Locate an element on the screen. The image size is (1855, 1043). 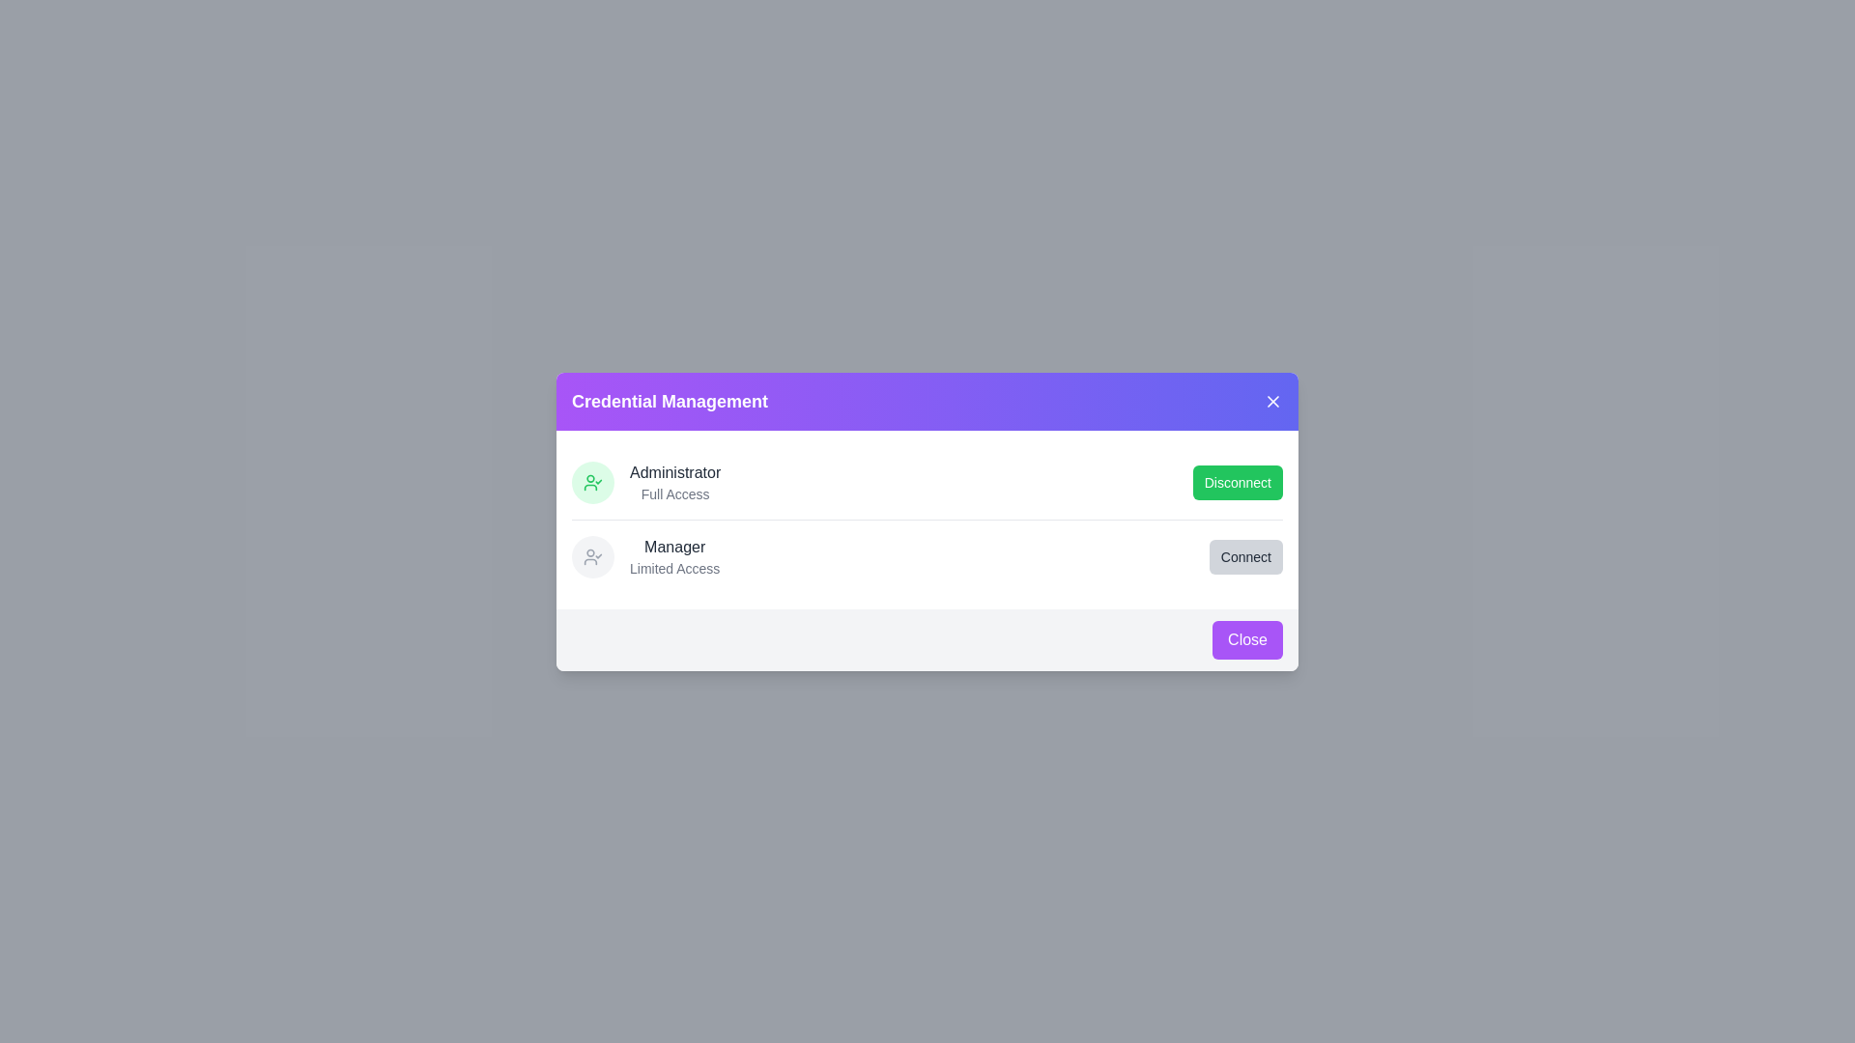
the close icon button in the top-right corner of the 'Credential Management' interface is located at coordinates (1273, 400).